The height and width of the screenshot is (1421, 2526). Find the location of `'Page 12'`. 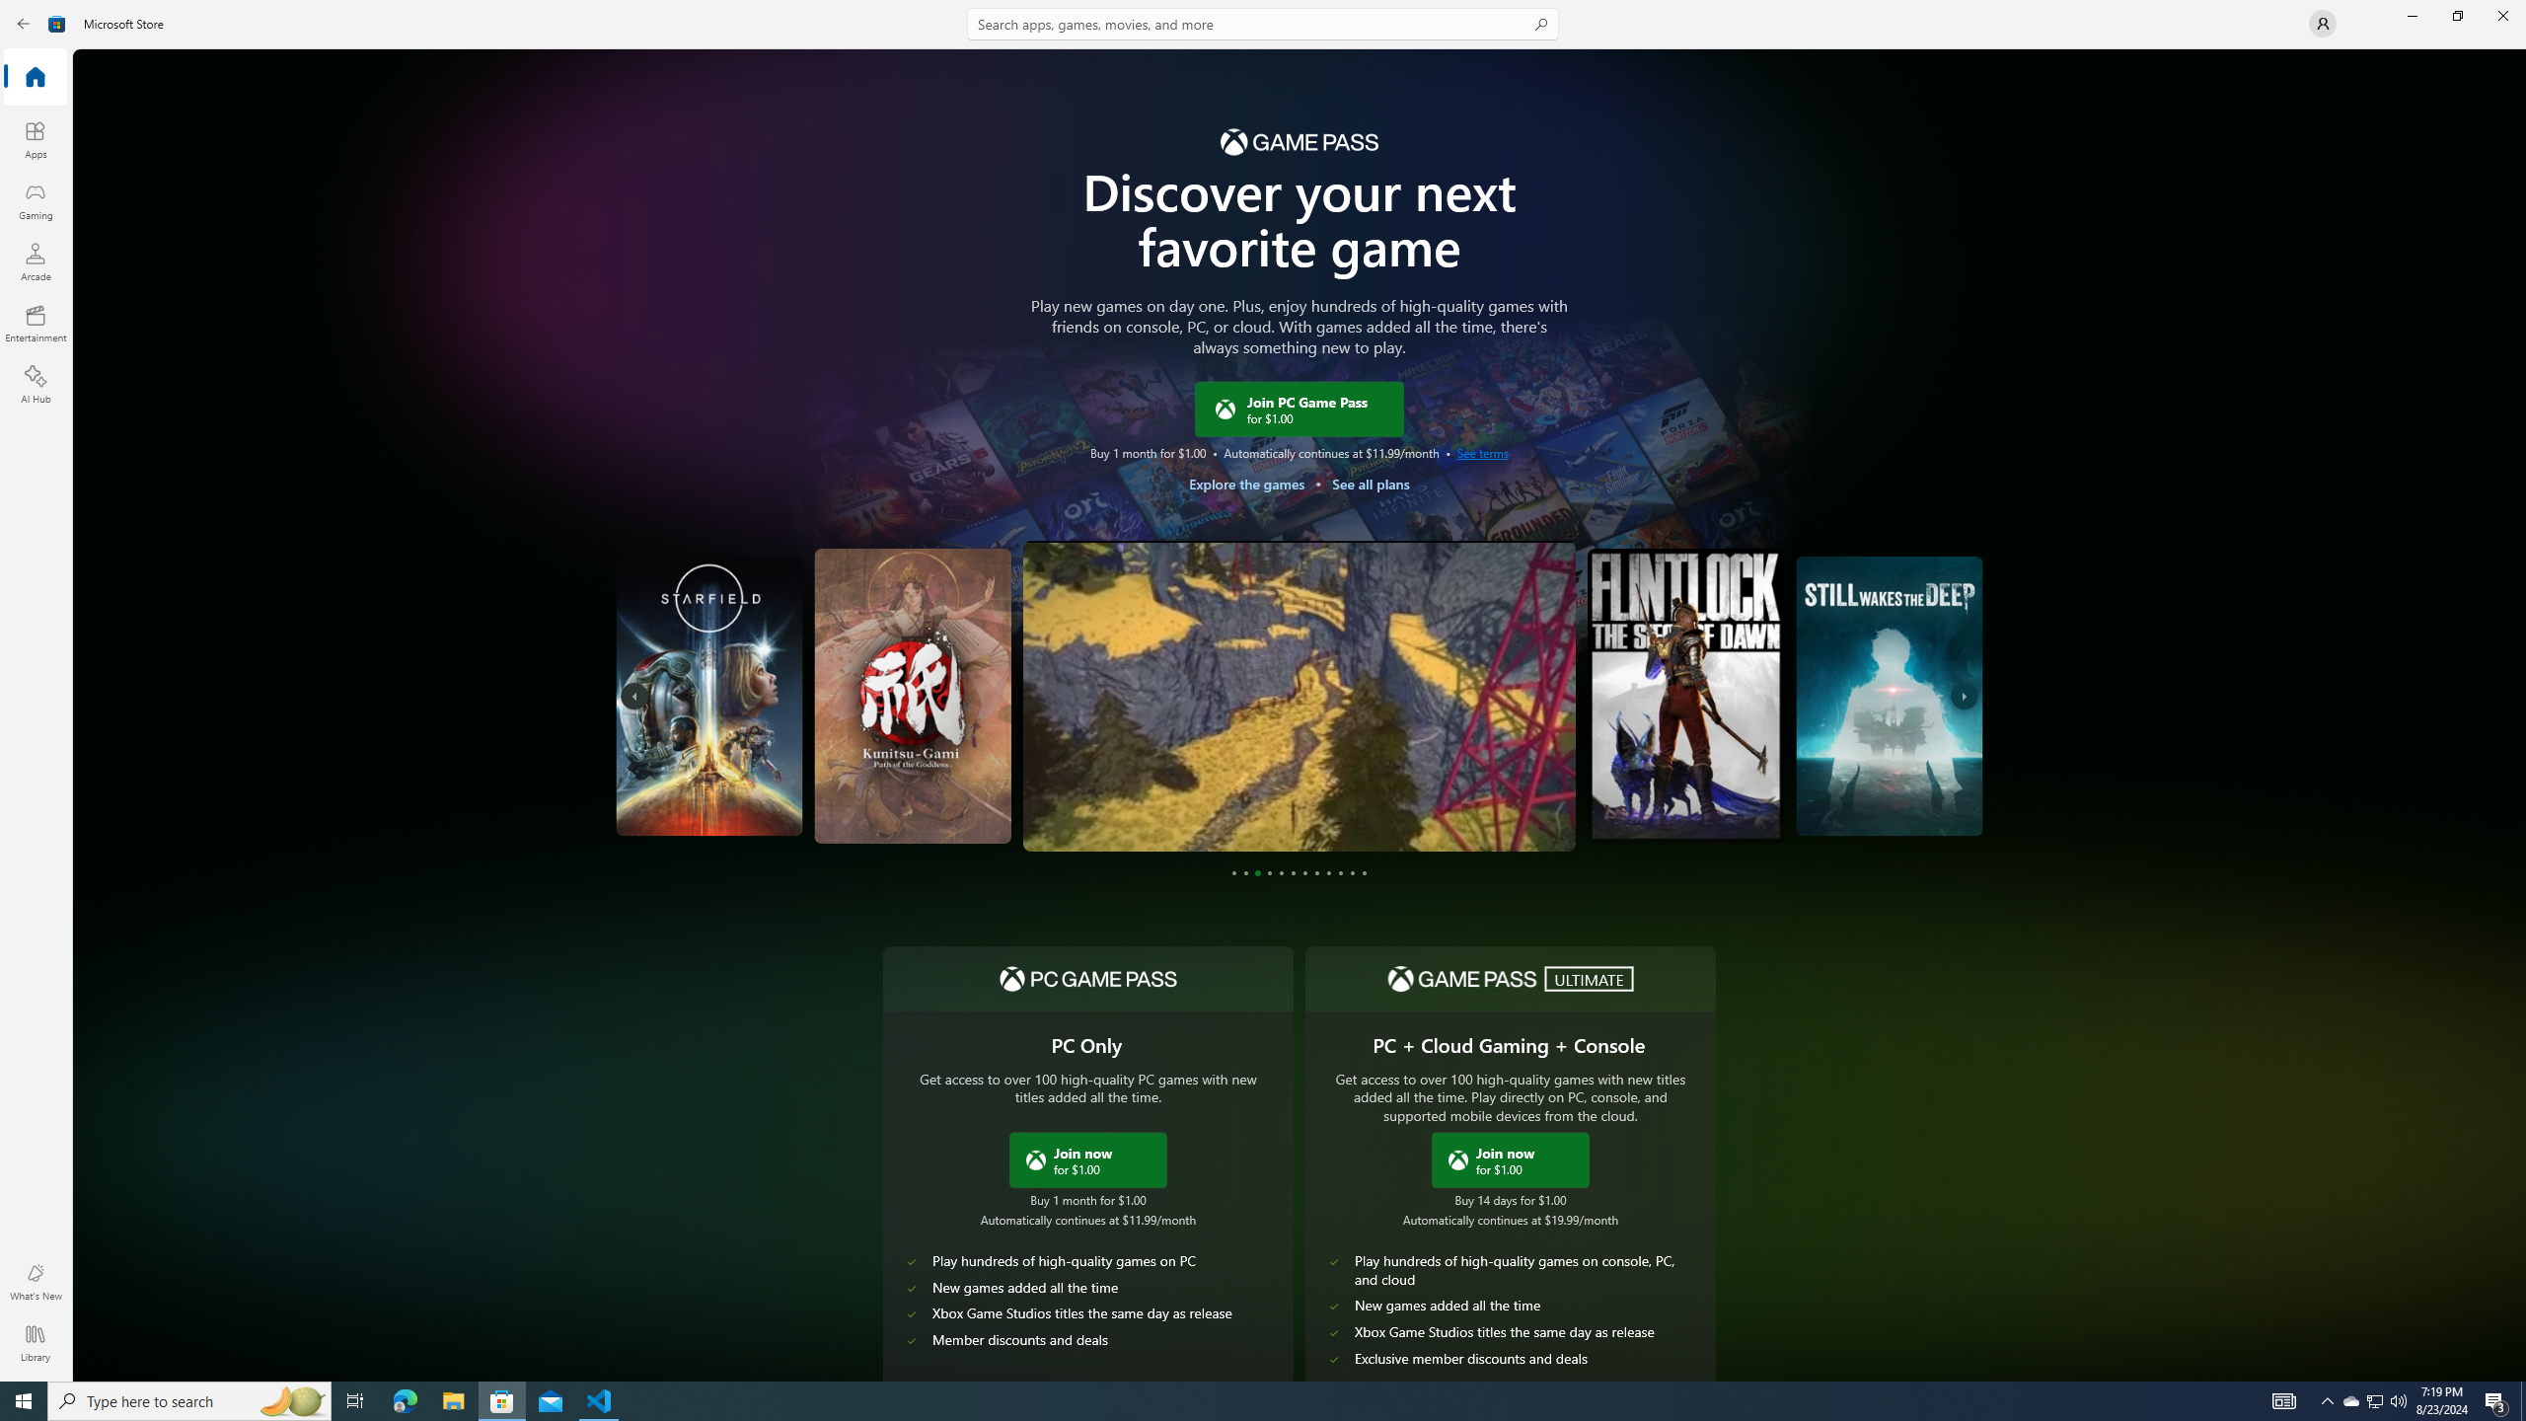

'Page 12' is located at coordinates (1364, 872).